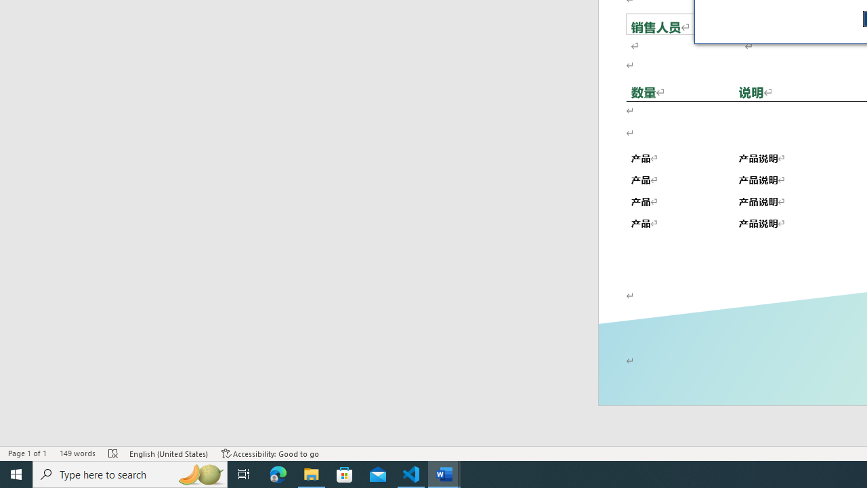 The width and height of the screenshot is (867, 488). I want to click on 'Microsoft Edge', so click(278, 473).